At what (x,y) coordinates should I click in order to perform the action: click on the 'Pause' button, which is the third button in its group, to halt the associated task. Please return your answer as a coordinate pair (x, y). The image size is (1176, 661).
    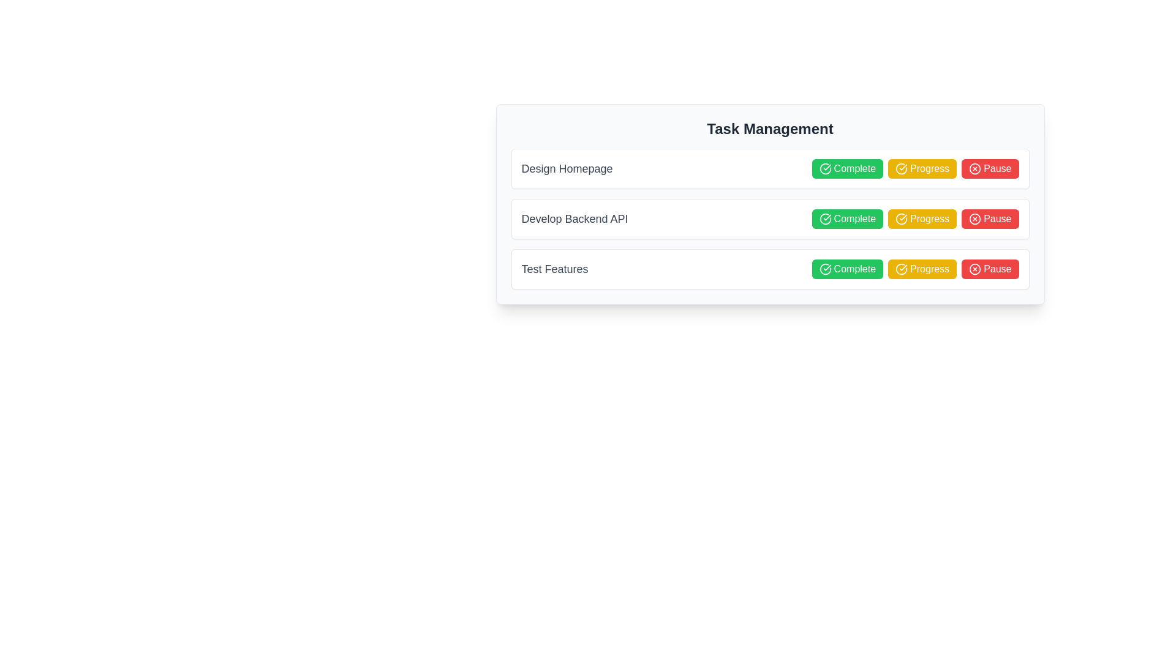
    Looking at the image, I should click on (990, 268).